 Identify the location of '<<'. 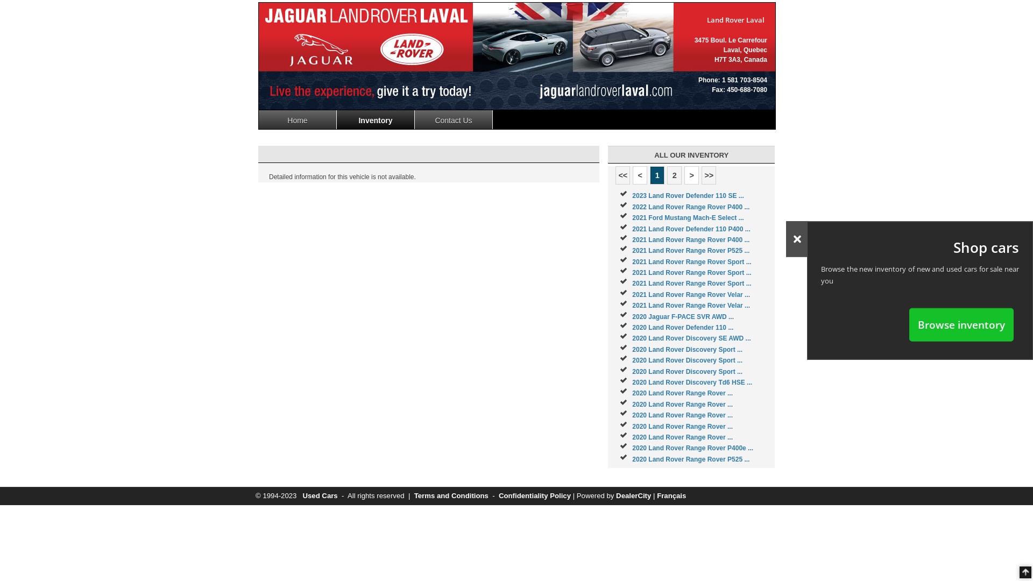
(622, 175).